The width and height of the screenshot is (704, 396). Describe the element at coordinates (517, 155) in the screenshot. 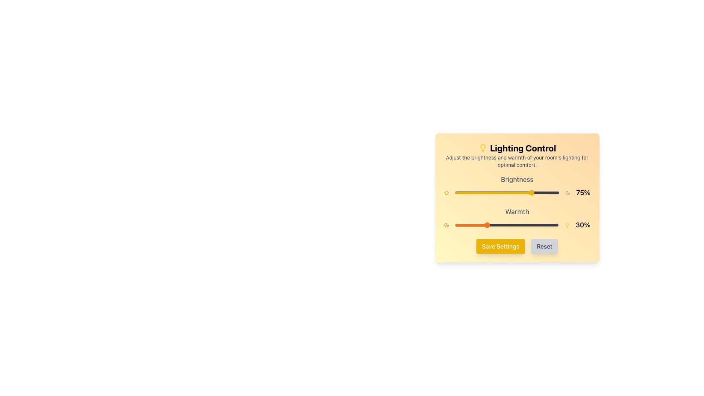

I see `the Text Block with Iconography to gain information about the lighting controls` at that location.